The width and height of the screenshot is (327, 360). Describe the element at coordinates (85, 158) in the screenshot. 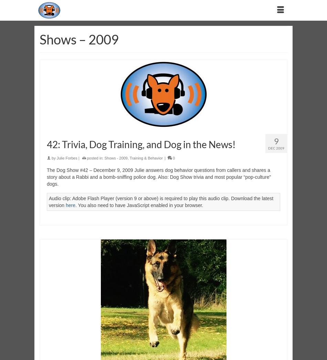

I see `'posted in:'` at that location.